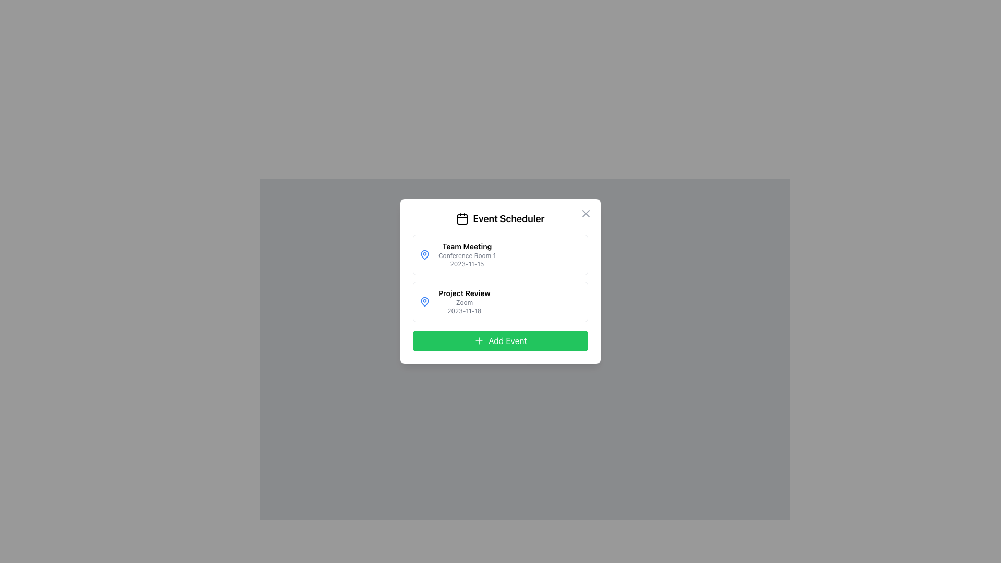  I want to click on the non-interactive text label that provides additional information about the meeting method 'Zoom' in the 'Project Review' card of the 'Event Scheduler' section, so click(463, 303).